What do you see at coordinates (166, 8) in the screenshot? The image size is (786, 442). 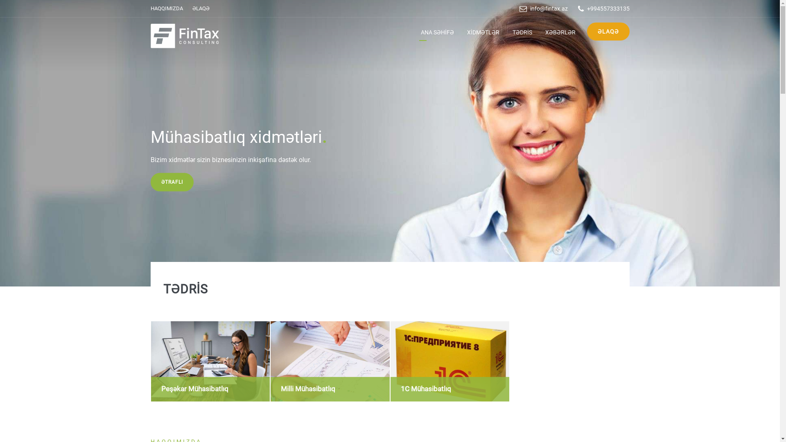 I see `'HAQQIMIZDA'` at bounding box center [166, 8].